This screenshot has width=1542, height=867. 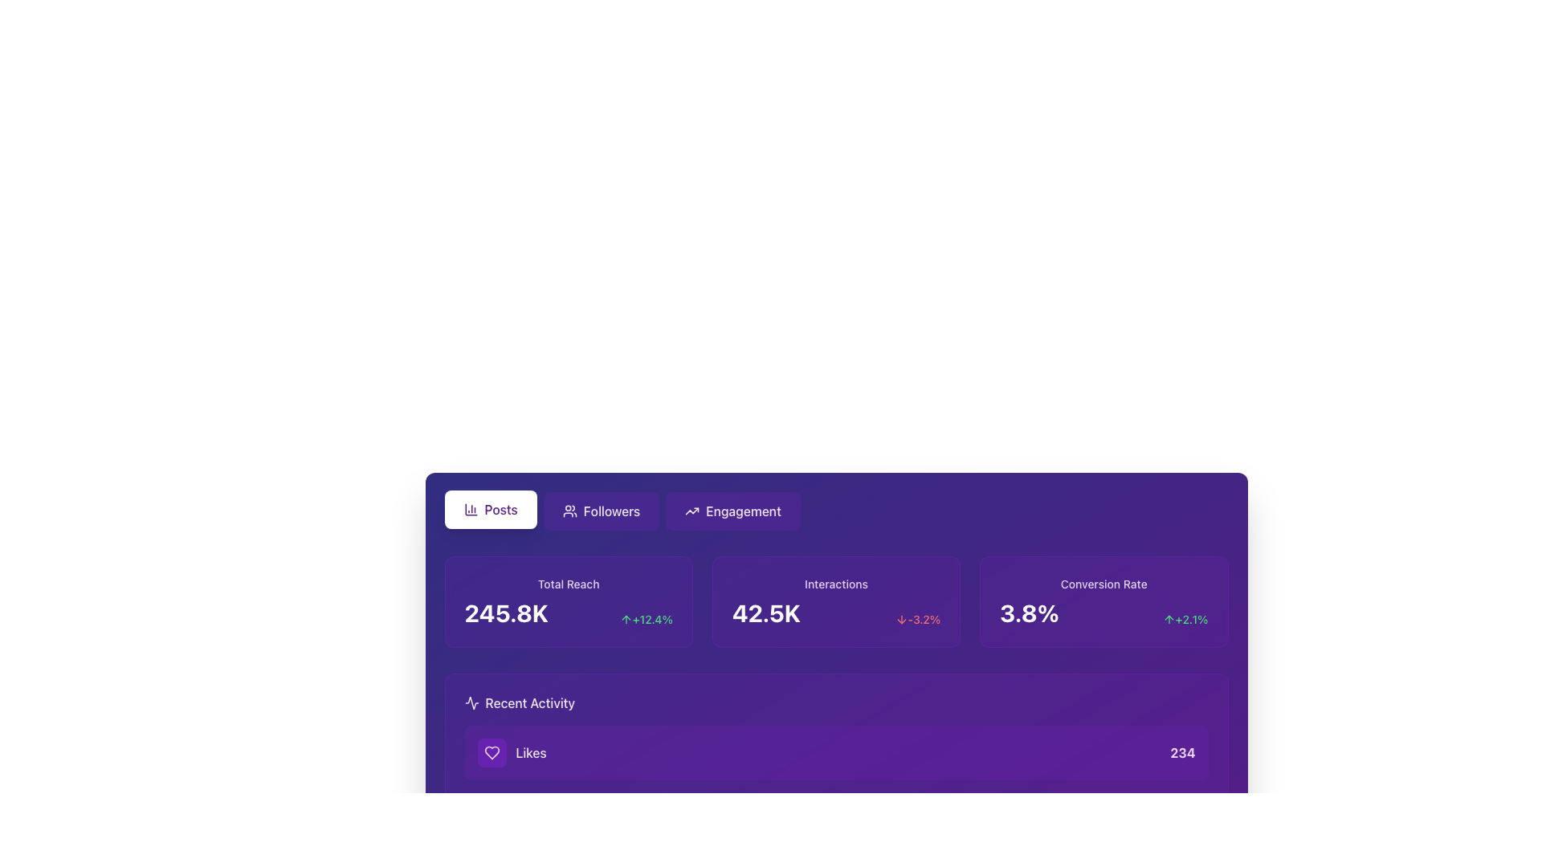 What do you see at coordinates (692, 511) in the screenshot?
I see `the small trending graph icon with an upward arrow, which is styled in white on a purple background, located at the top-right corner of the 'Engagement' button` at bounding box center [692, 511].